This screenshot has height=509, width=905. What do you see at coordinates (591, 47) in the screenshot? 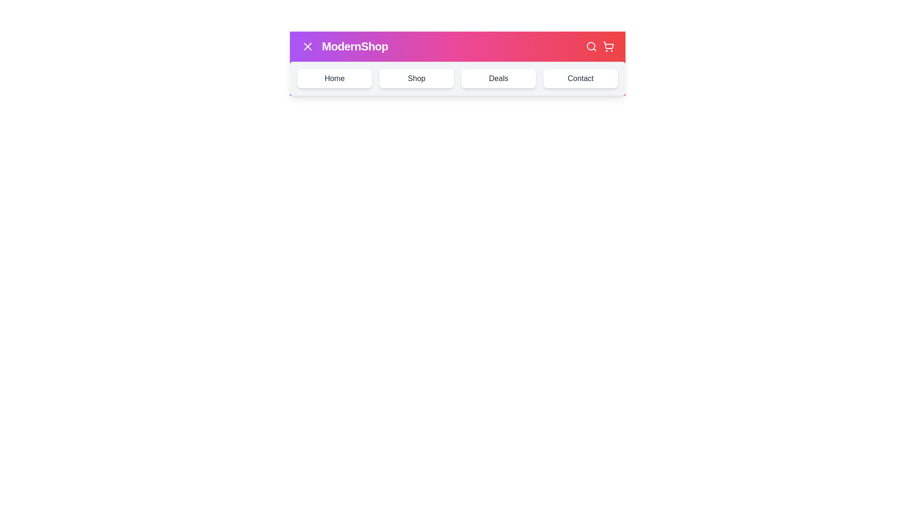
I see `the search button` at bounding box center [591, 47].